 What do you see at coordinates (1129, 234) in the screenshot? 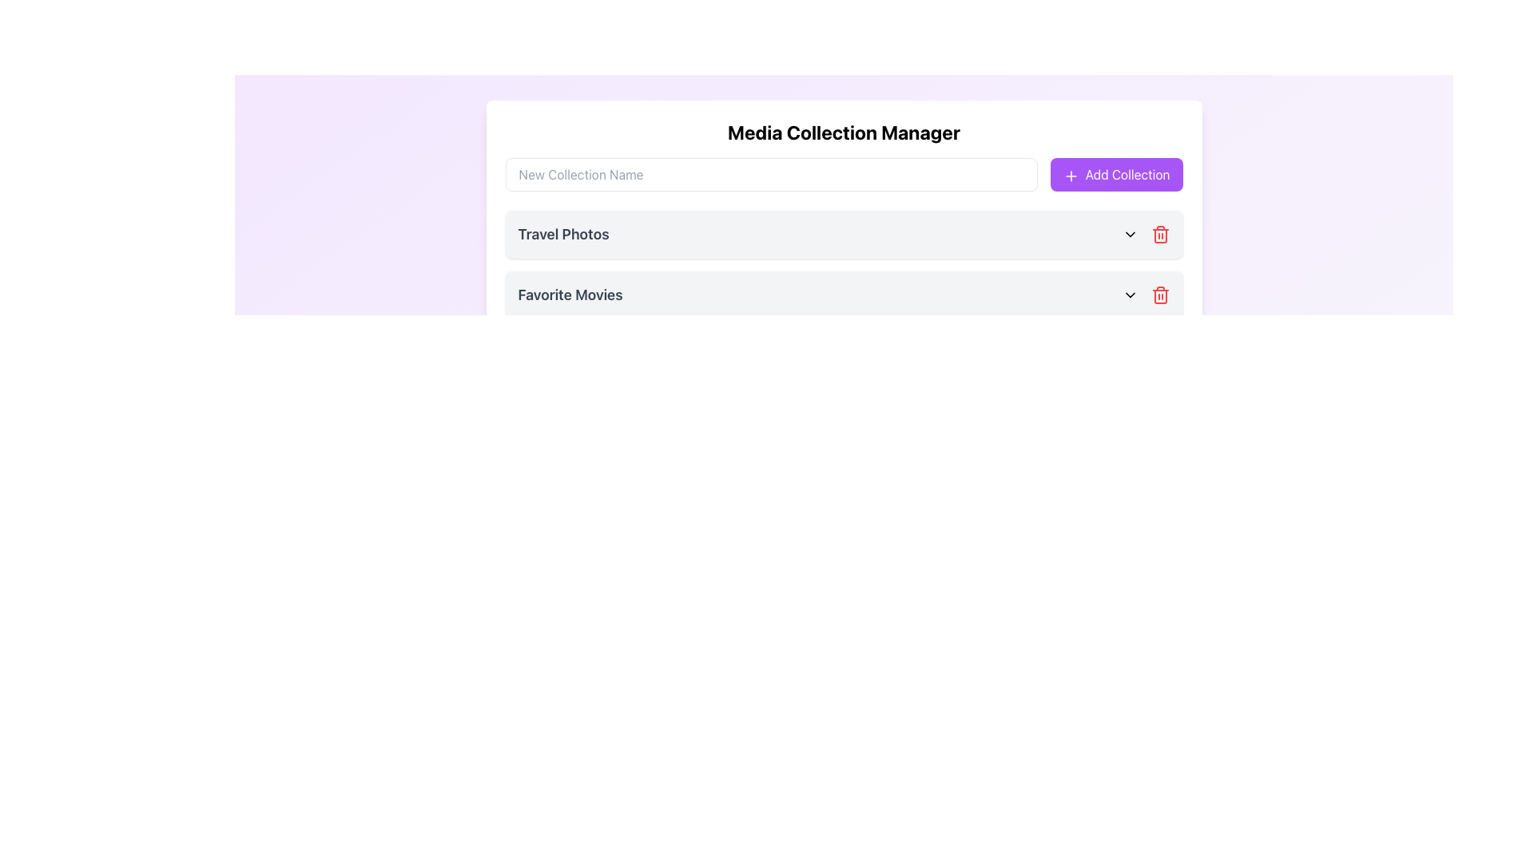
I see `the downward-facing chevron icon to the right of the 'Favorite Movies' item in the second row` at bounding box center [1129, 234].